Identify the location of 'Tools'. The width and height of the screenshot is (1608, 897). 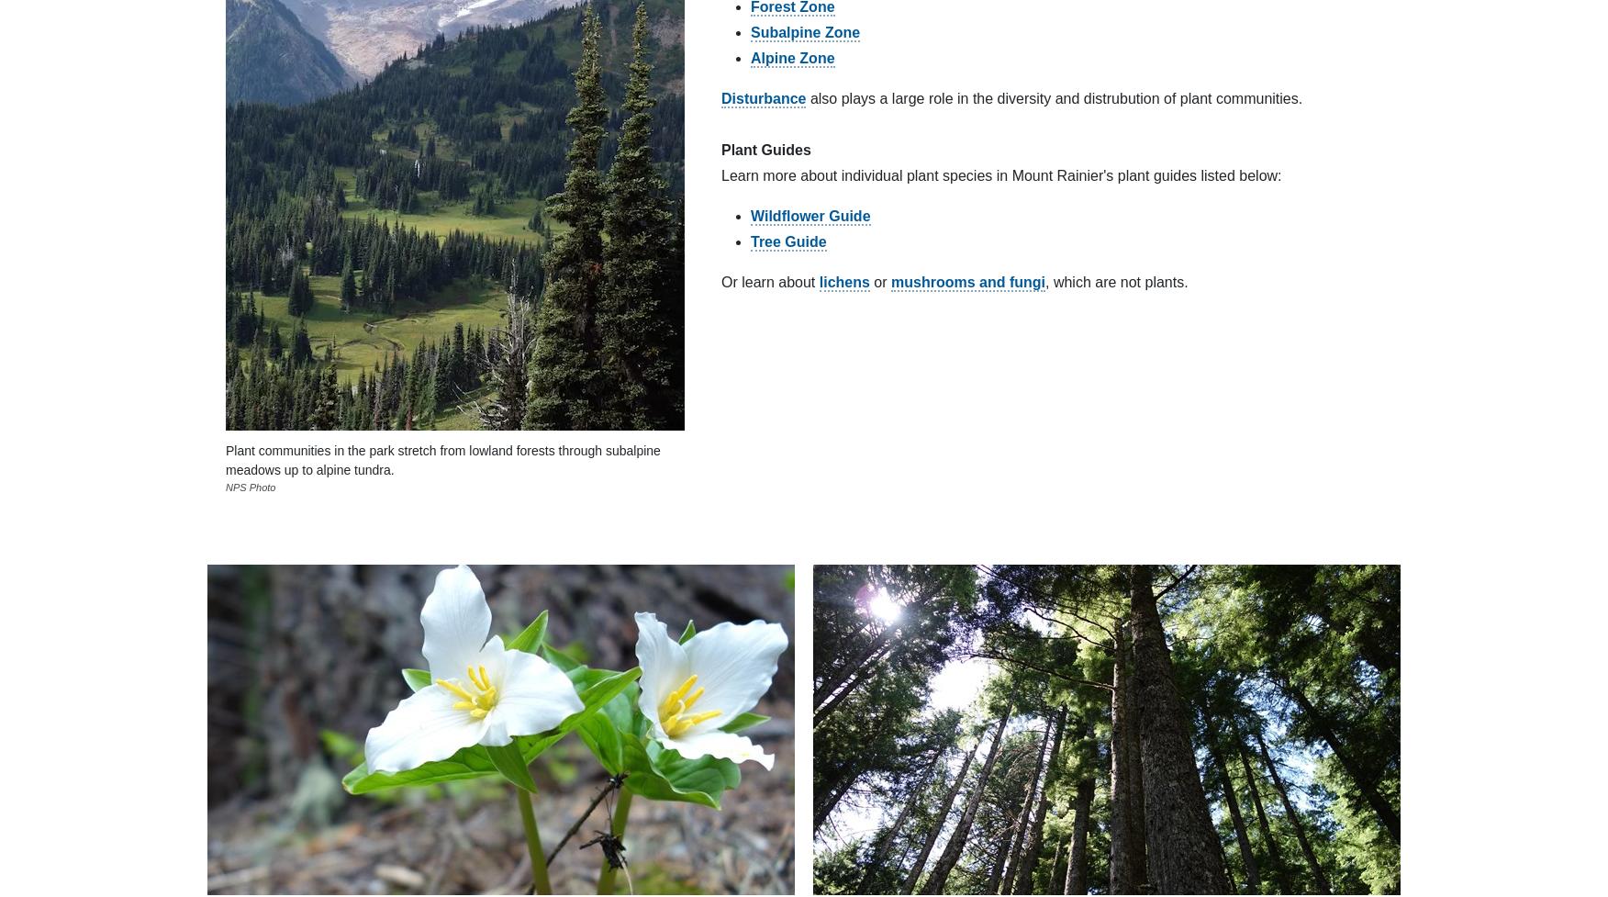
(831, 389).